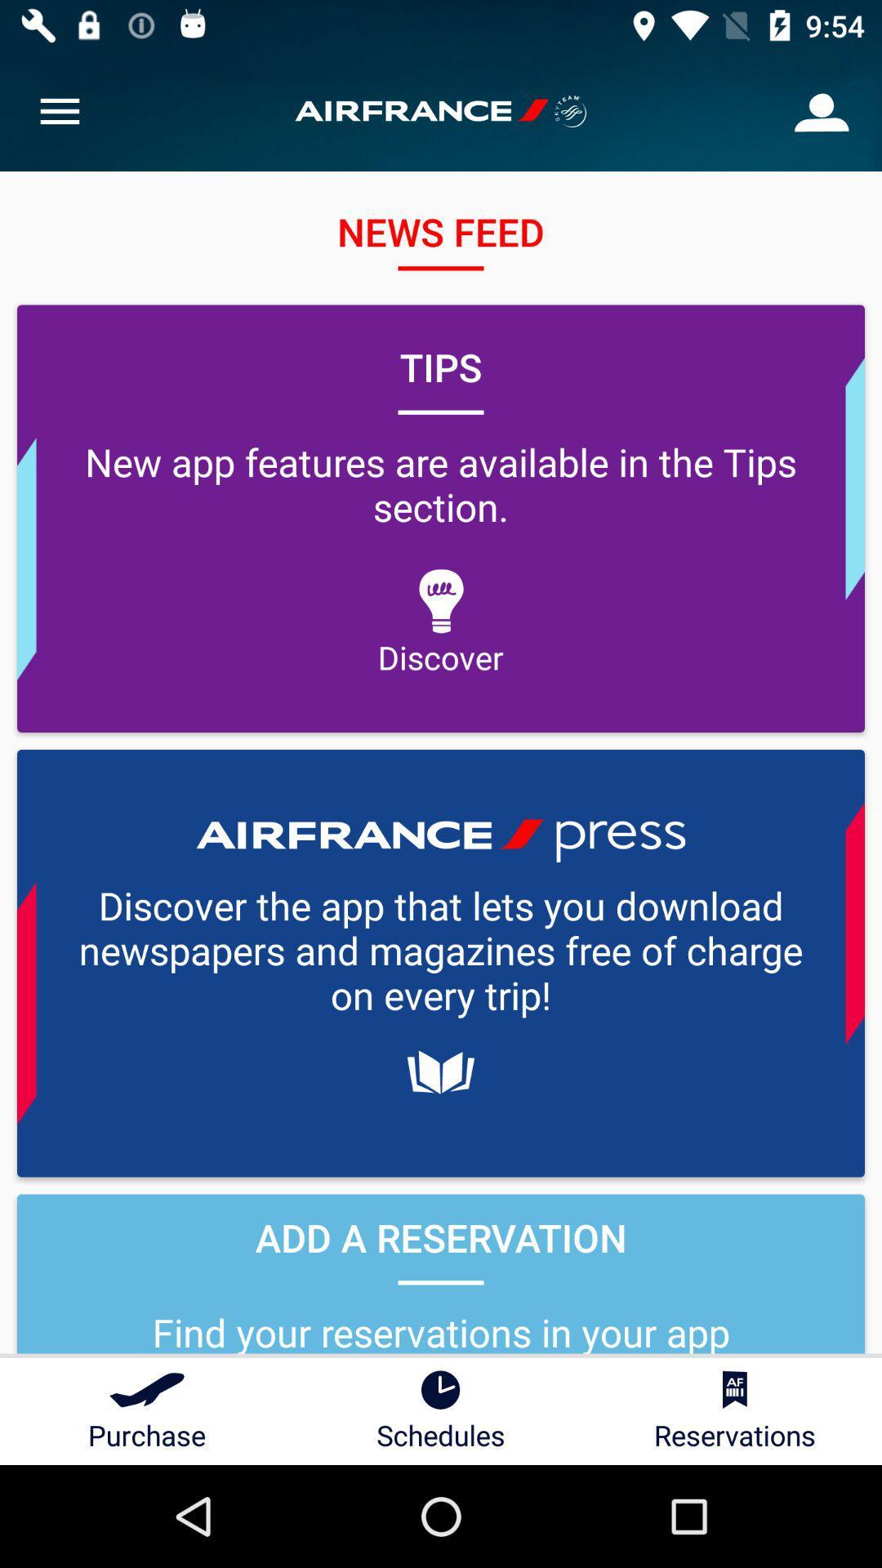  I want to click on the item to the left of the reservations icon, so click(441, 1410).